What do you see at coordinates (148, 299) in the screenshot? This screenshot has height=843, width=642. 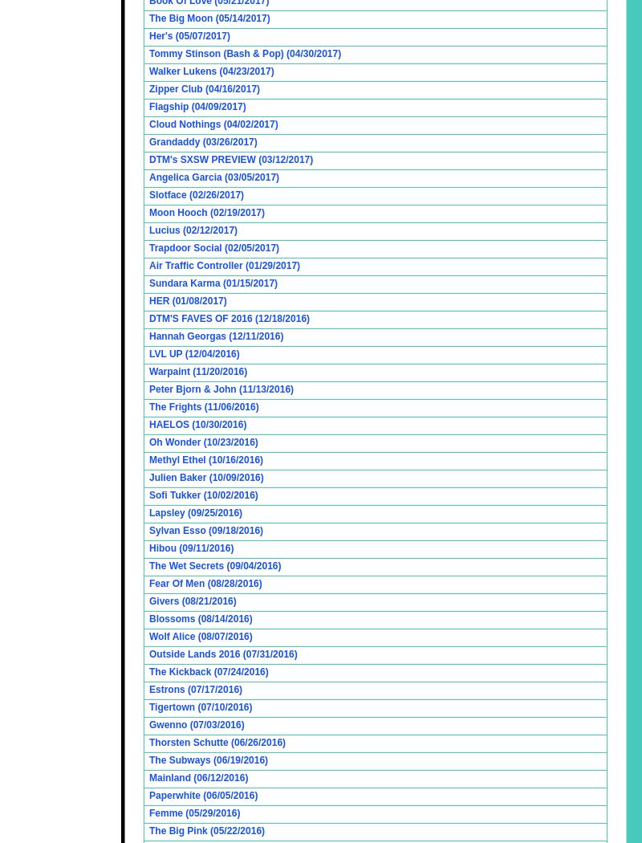 I see `'HER (01/08/2017)'` at bounding box center [148, 299].